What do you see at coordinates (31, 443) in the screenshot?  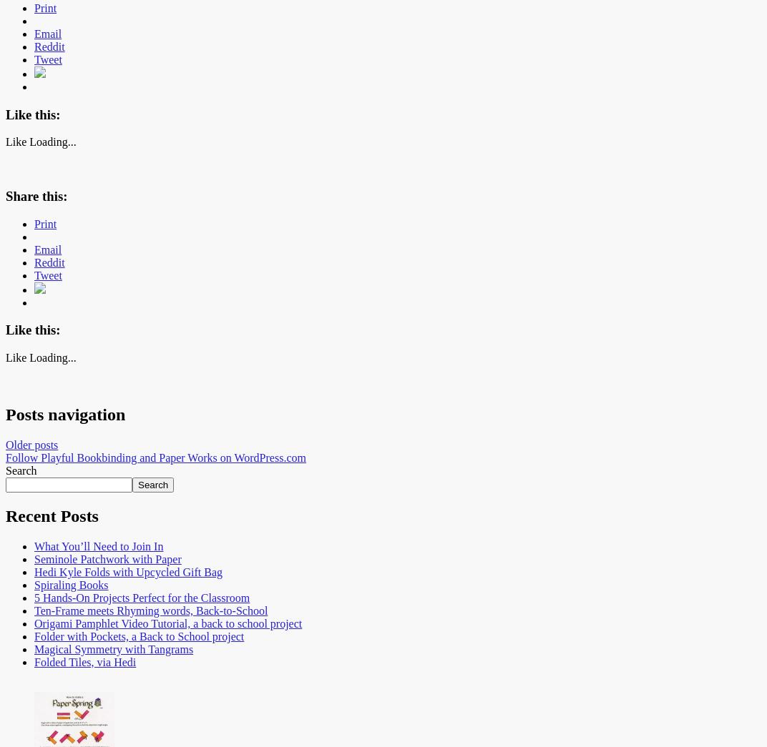 I see `'Older posts'` at bounding box center [31, 443].